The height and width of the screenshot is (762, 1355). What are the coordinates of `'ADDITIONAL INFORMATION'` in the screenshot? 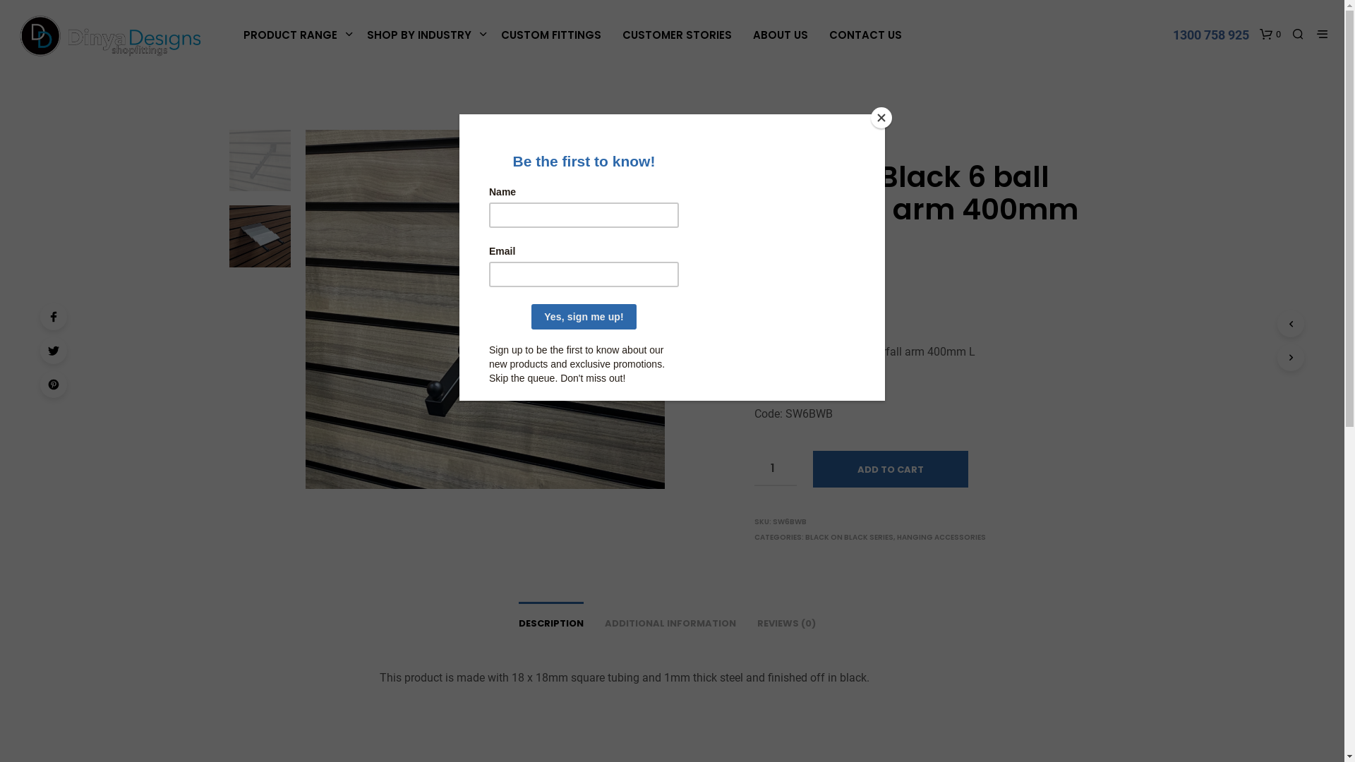 It's located at (669, 618).